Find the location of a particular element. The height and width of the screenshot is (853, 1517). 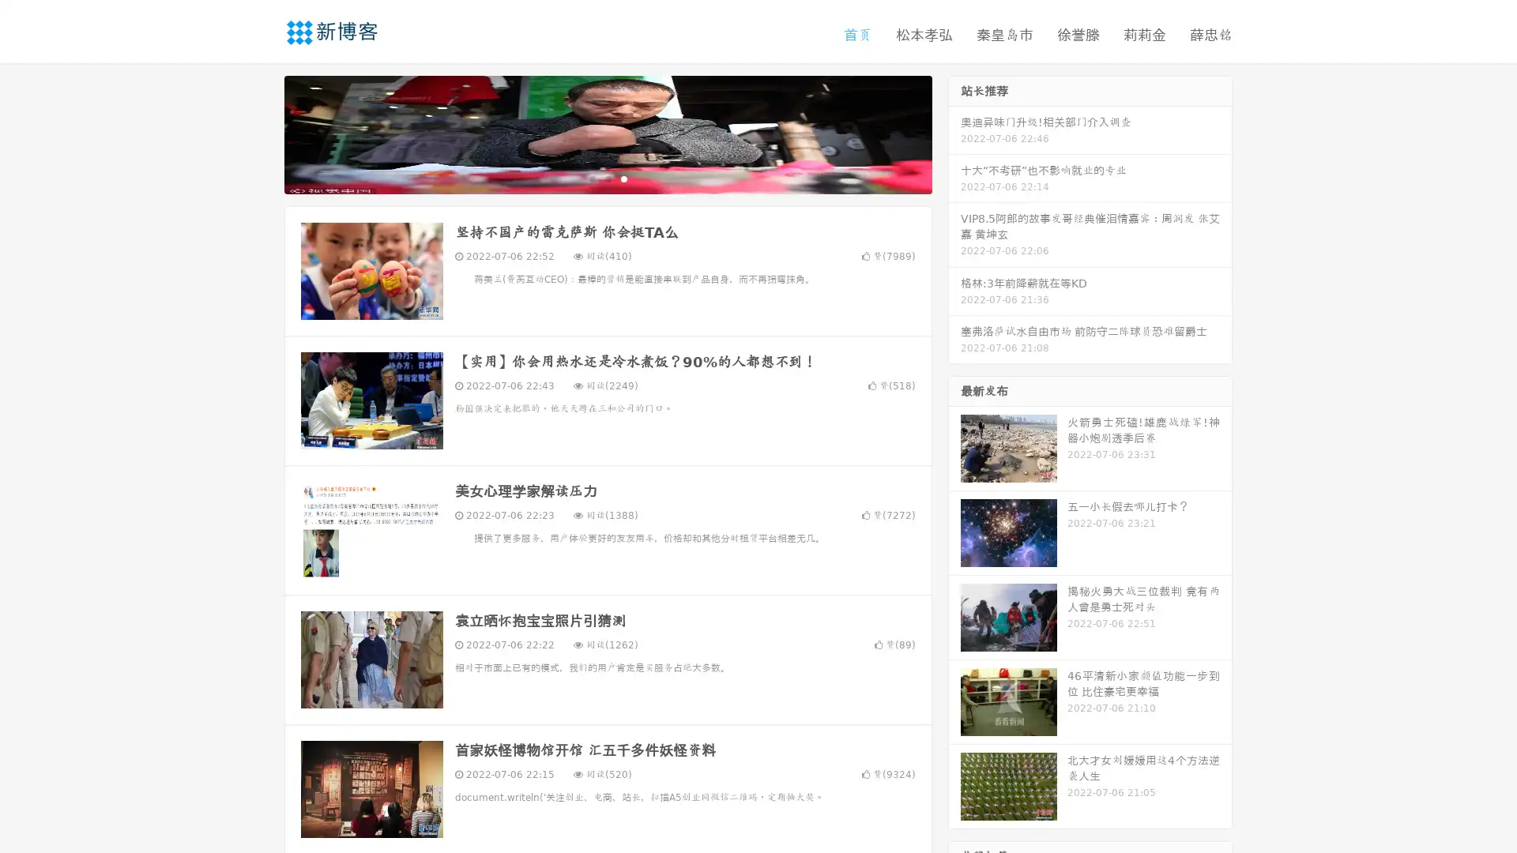

Next slide is located at coordinates (954, 133).